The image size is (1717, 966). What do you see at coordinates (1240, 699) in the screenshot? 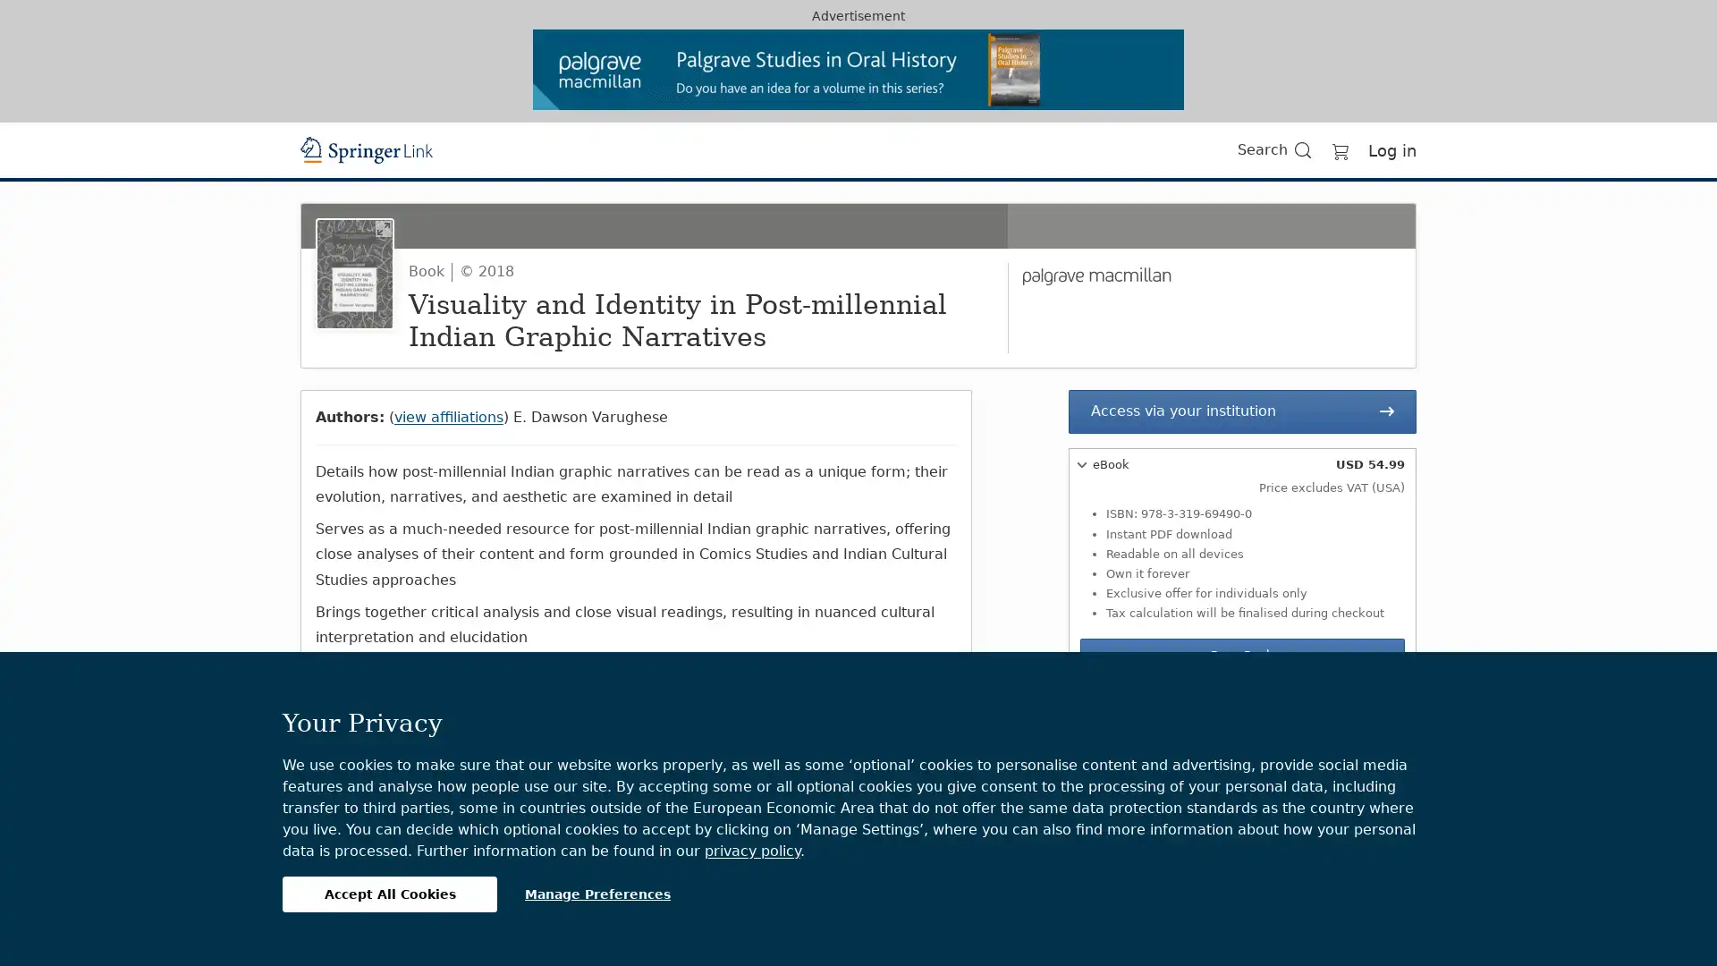
I see `Softcover Book USD 69.99` at bounding box center [1240, 699].